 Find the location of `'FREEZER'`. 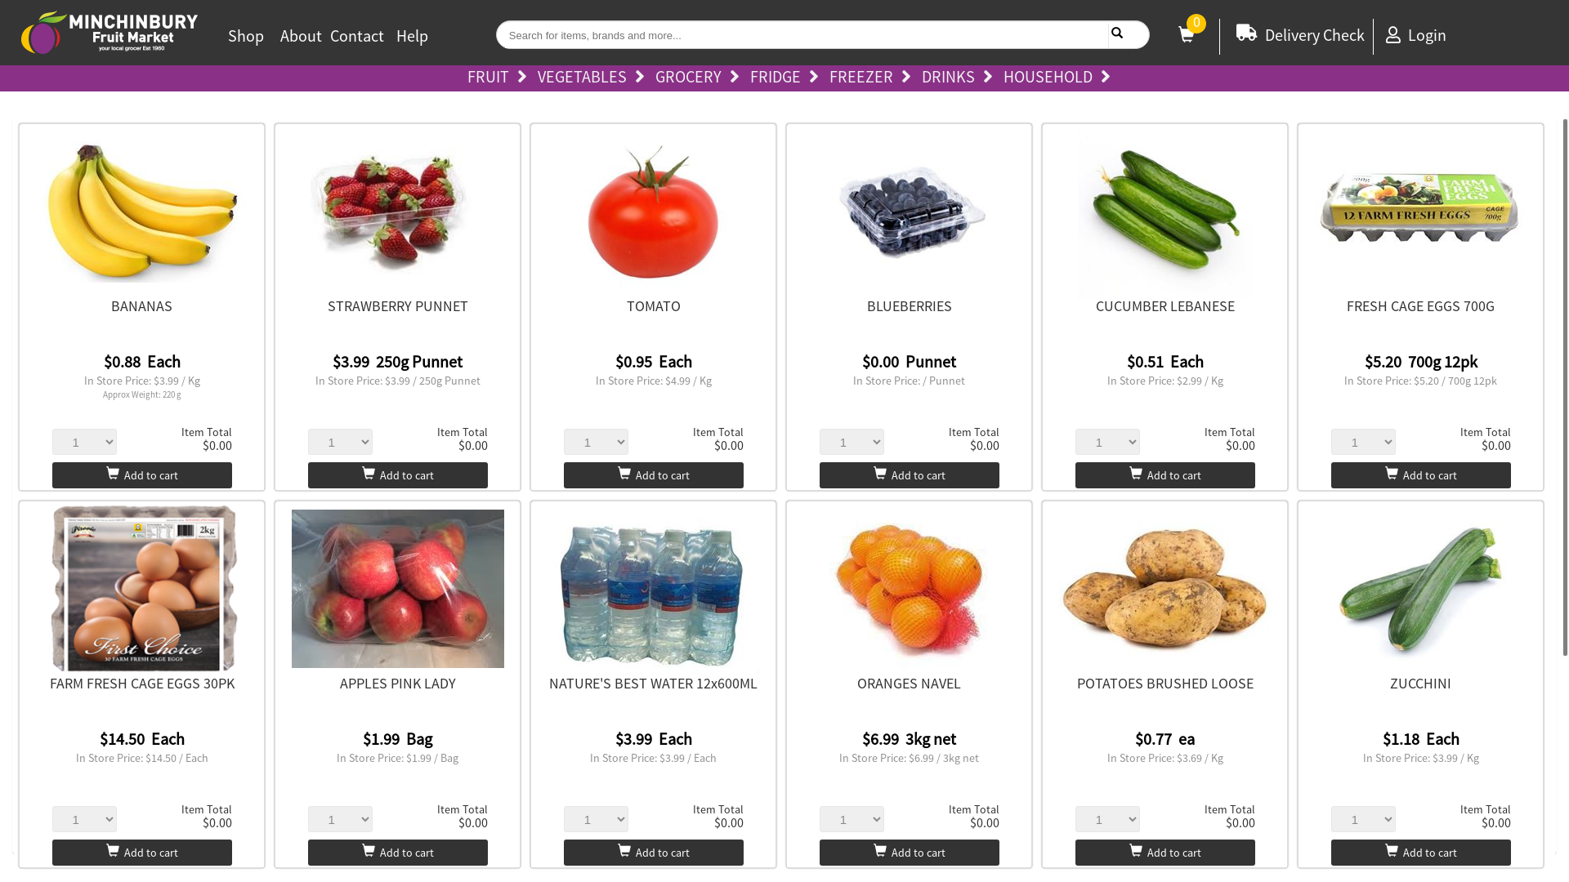

'FREEZER' is located at coordinates (828, 78).